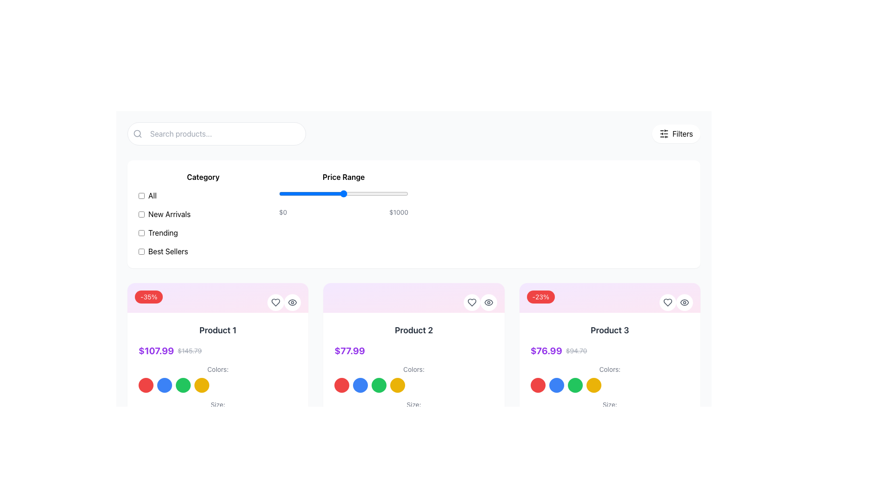 The image size is (893, 502). I want to click on the 'L' size selection button, so click(214, 421).